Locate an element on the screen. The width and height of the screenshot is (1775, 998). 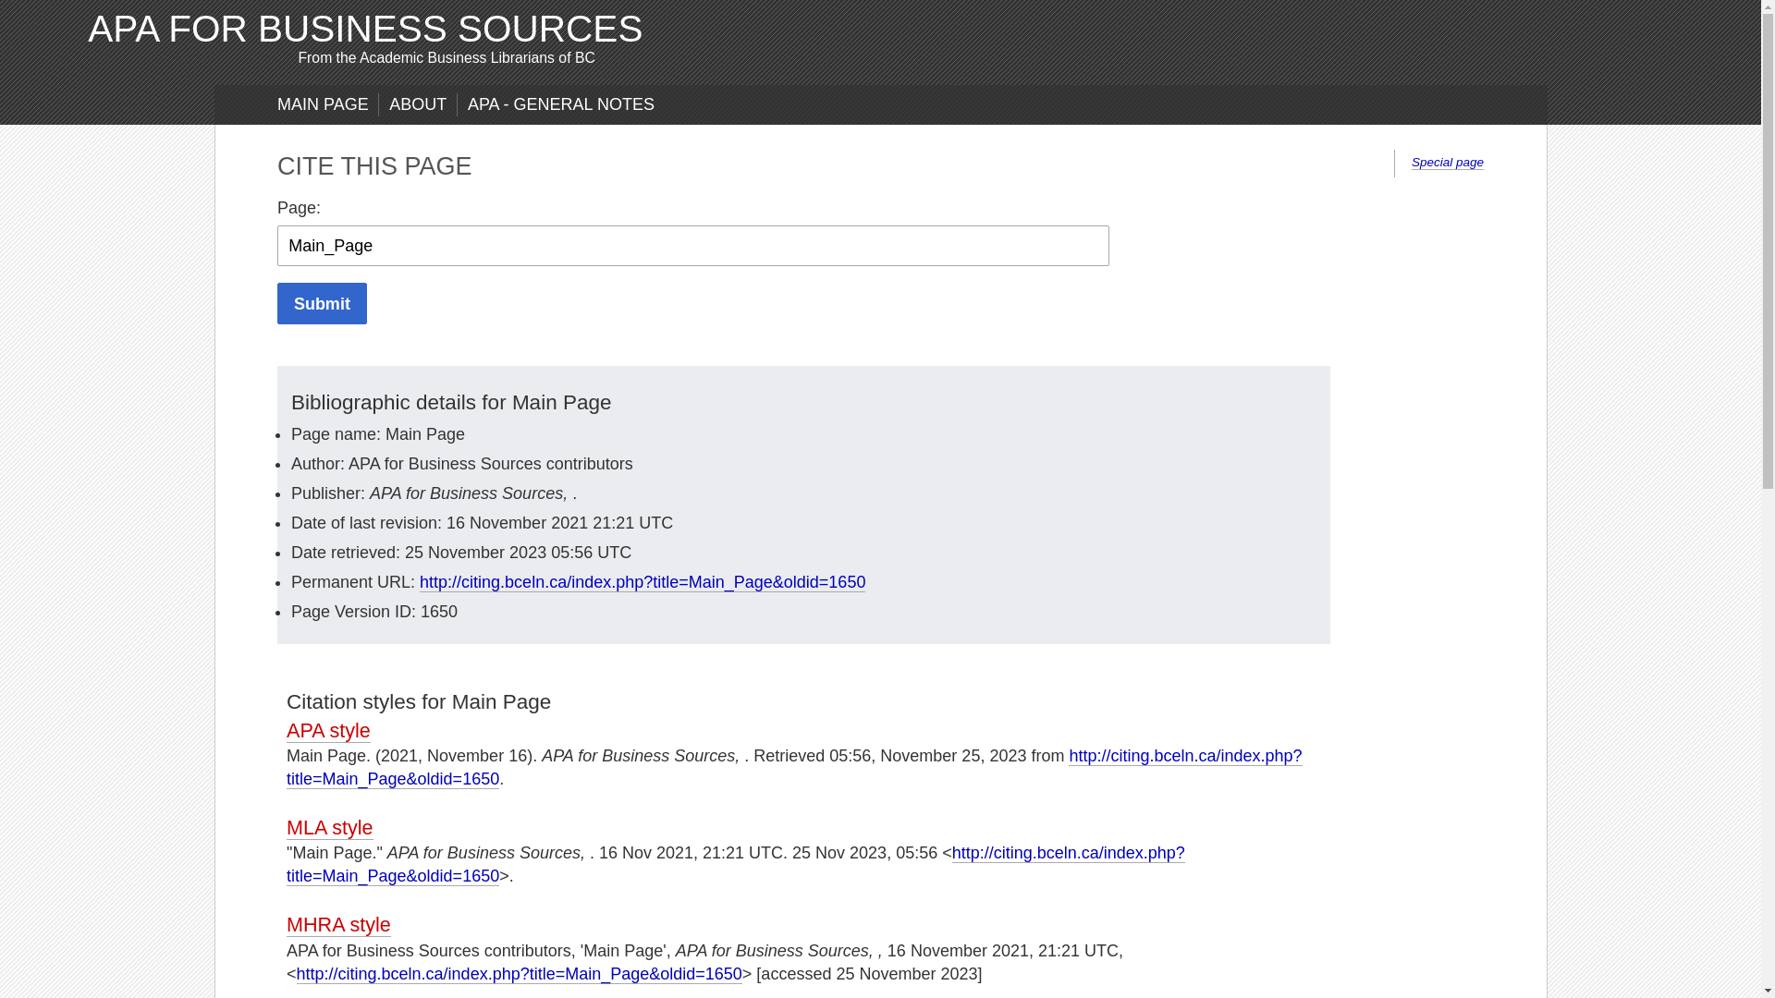
'MLA style' is located at coordinates (286, 826).